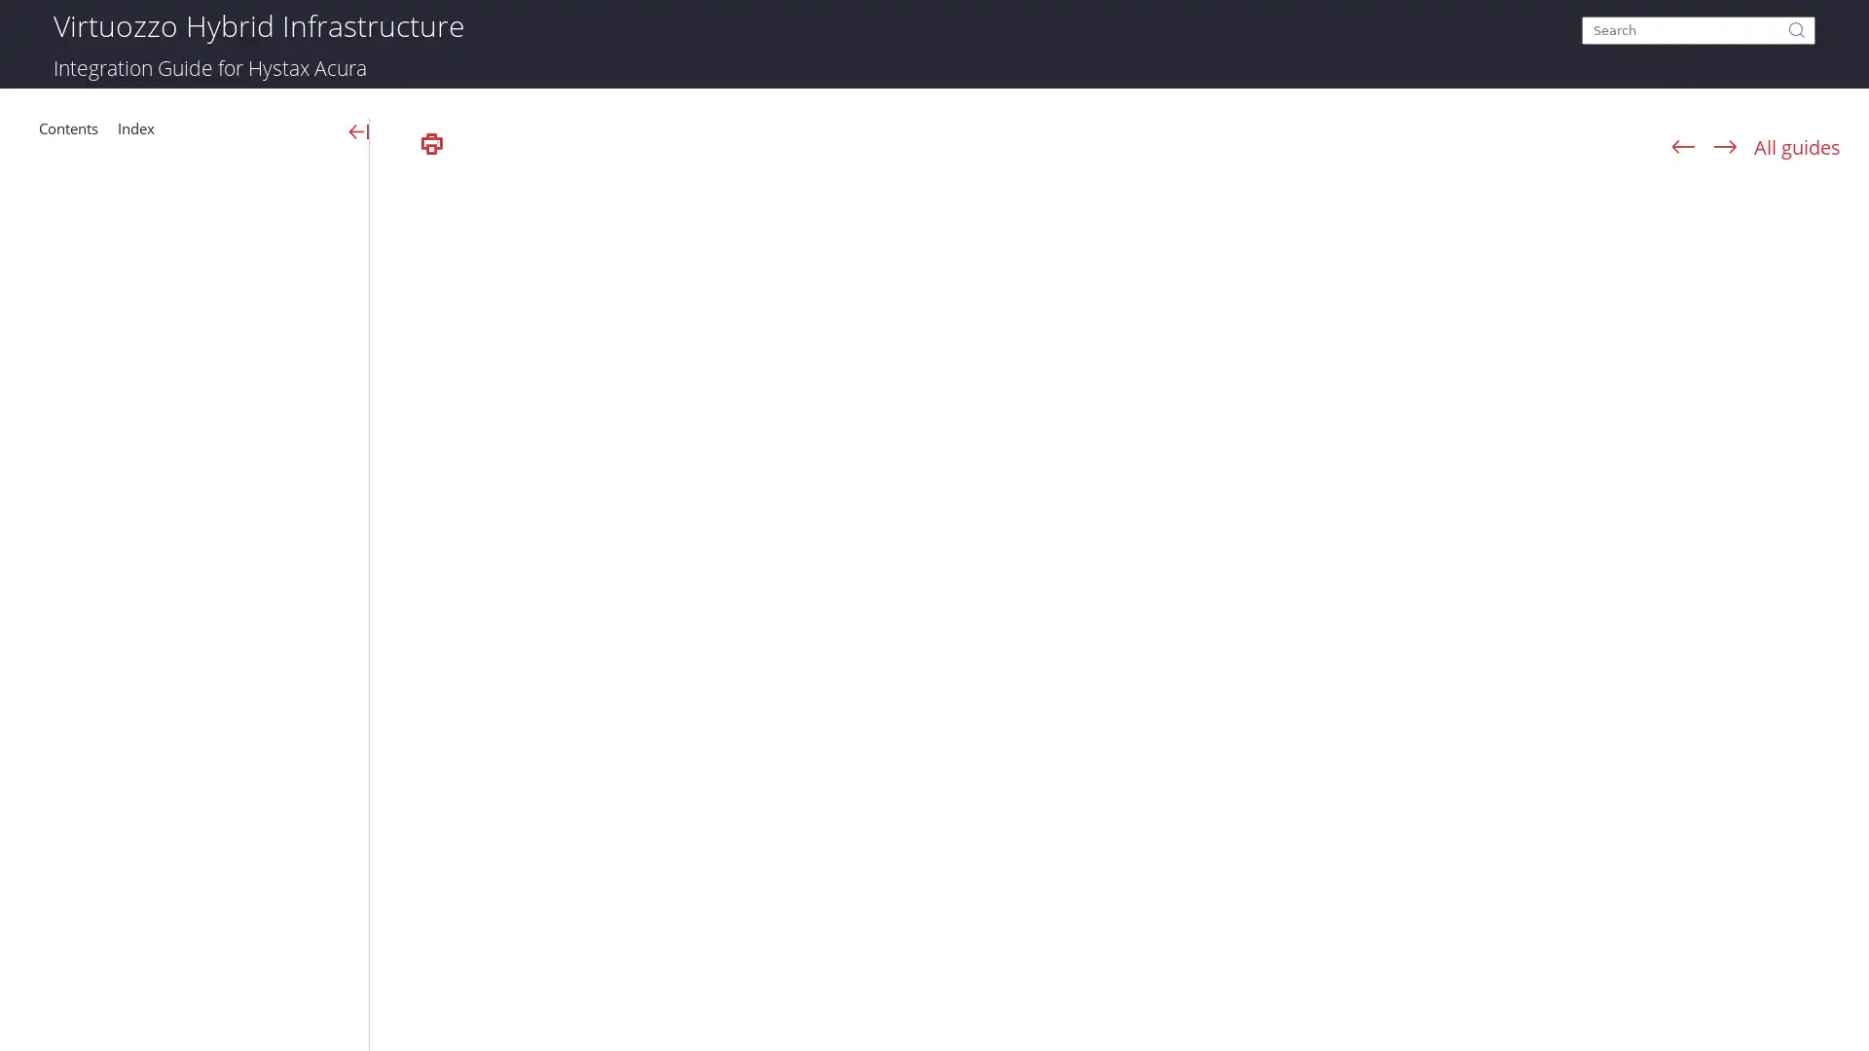 This screenshot has height=1051, width=1869. Describe the element at coordinates (1796, 146) in the screenshot. I see `All guides` at that location.